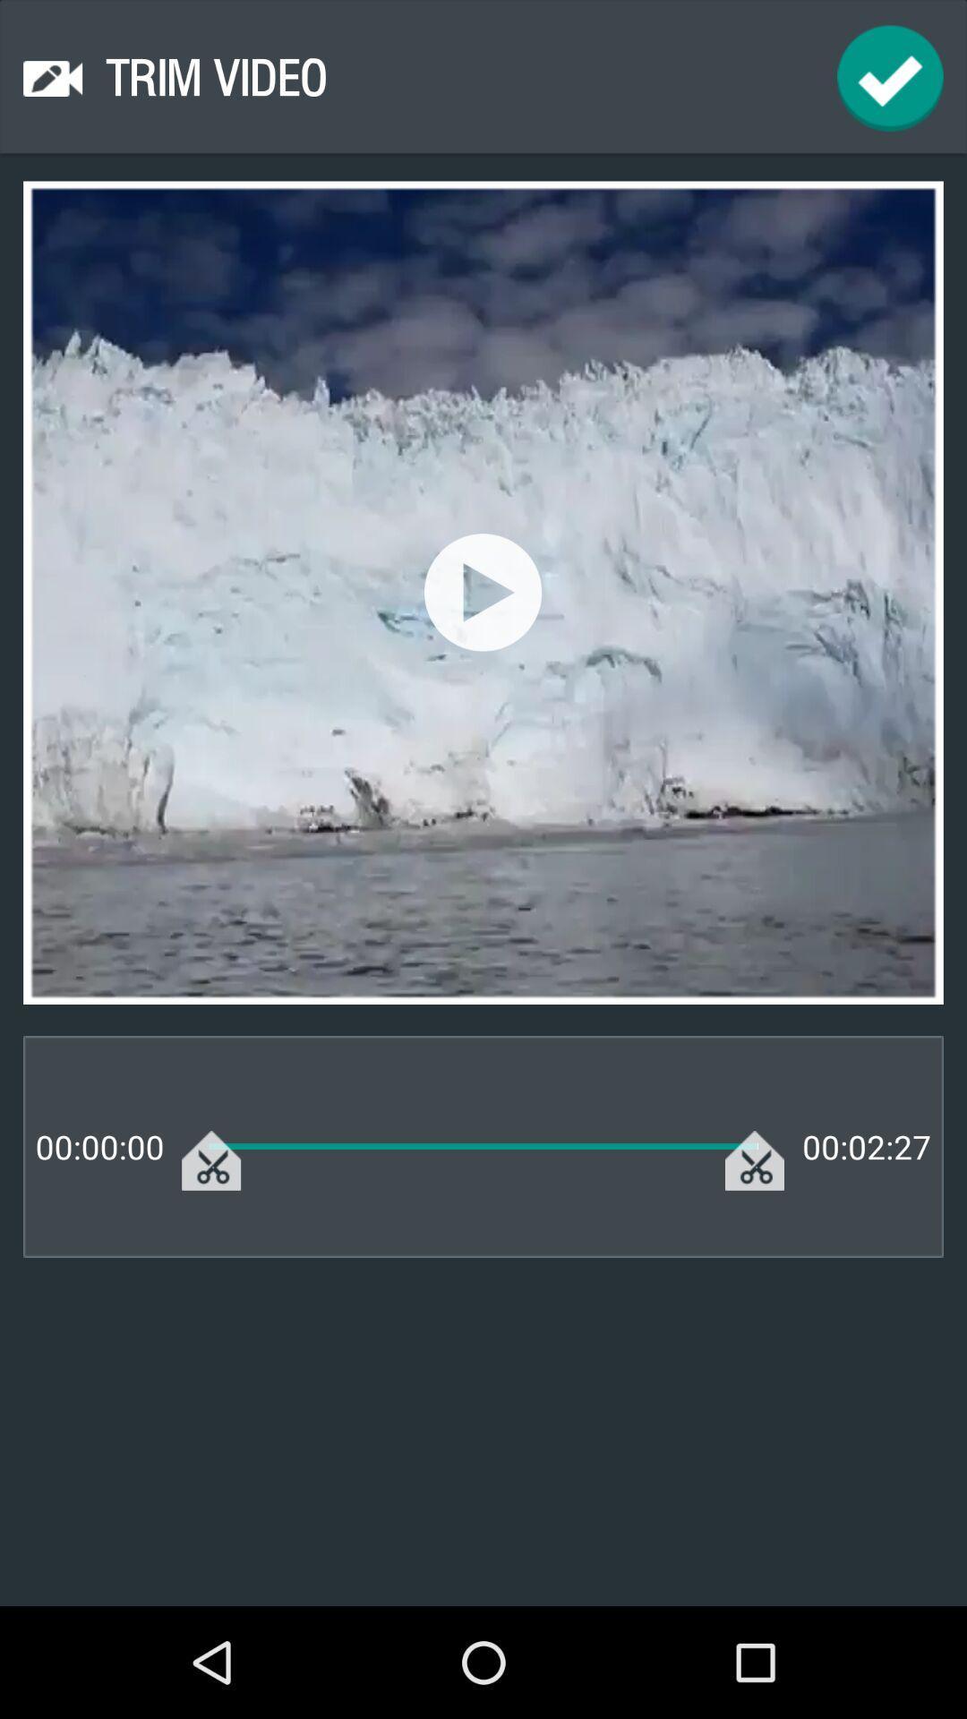  What do you see at coordinates (890, 77) in the screenshot?
I see `trim video selection` at bounding box center [890, 77].